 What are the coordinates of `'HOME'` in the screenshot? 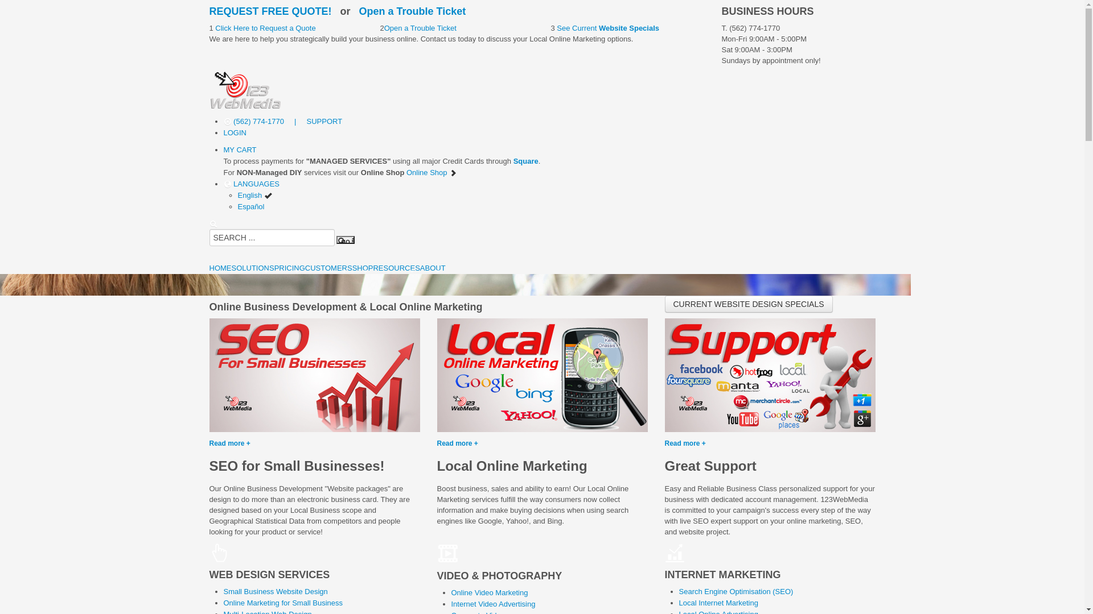 It's located at (220, 268).